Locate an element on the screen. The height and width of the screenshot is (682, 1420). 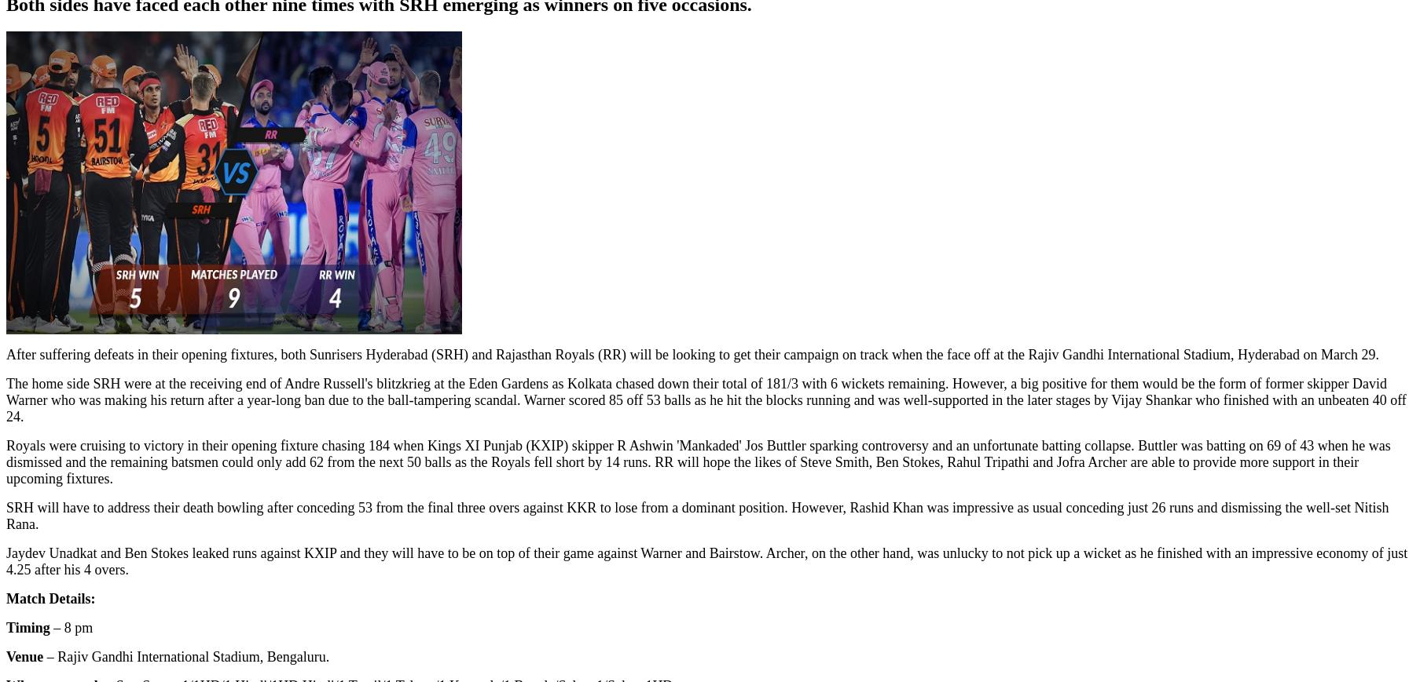
'SRH will have to address their death bowling after conceding 53 from the final three overs against KKR to lose from a dominant position. However, Rashid Khan was impressive as usual conceding just 26 runs and dismissing the well-set Nitish Rana.' is located at coordinates (697, 516).